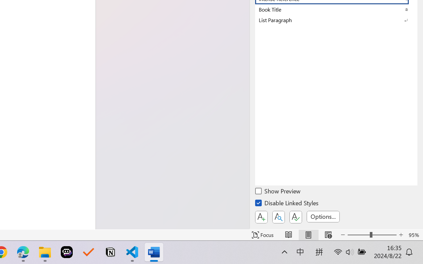 Image resolution: width=423 pixels, height=264 pixels. What do you see at coordinates (323, 216) in the screenshot?
I see `'Options...'` at bounding box center [323, 216].